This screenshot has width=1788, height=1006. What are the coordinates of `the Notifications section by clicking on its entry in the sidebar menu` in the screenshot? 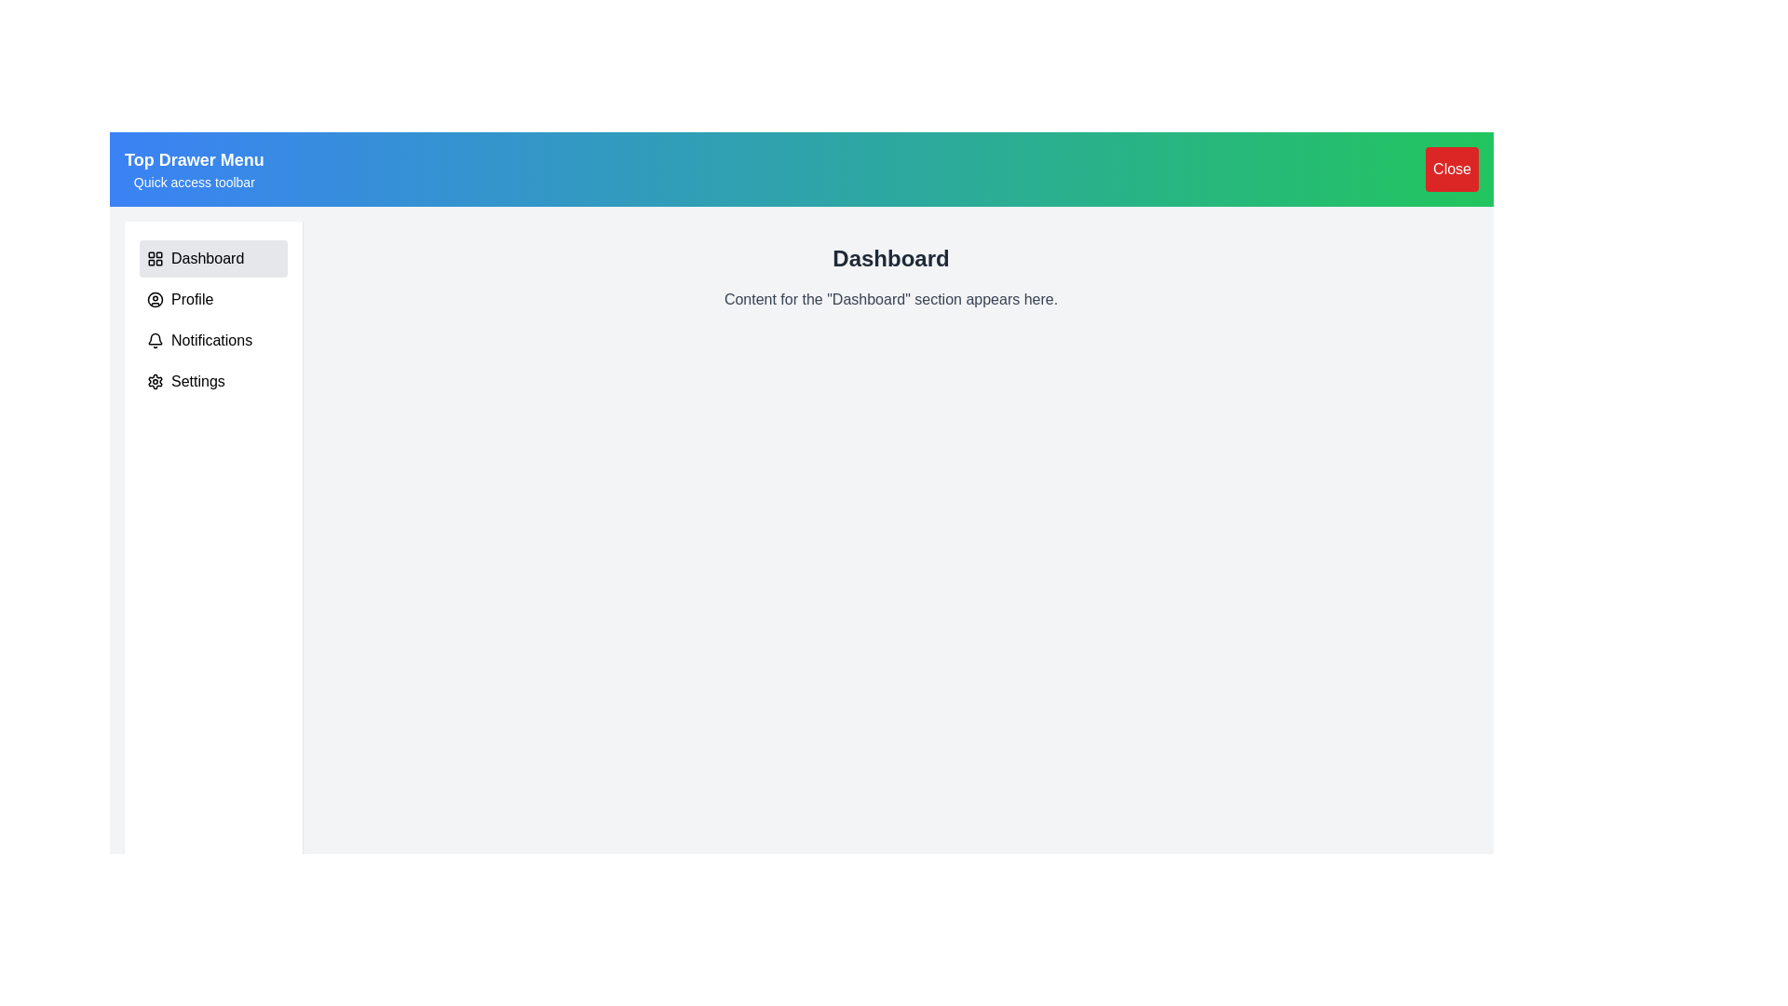 It's located at (213, 341).